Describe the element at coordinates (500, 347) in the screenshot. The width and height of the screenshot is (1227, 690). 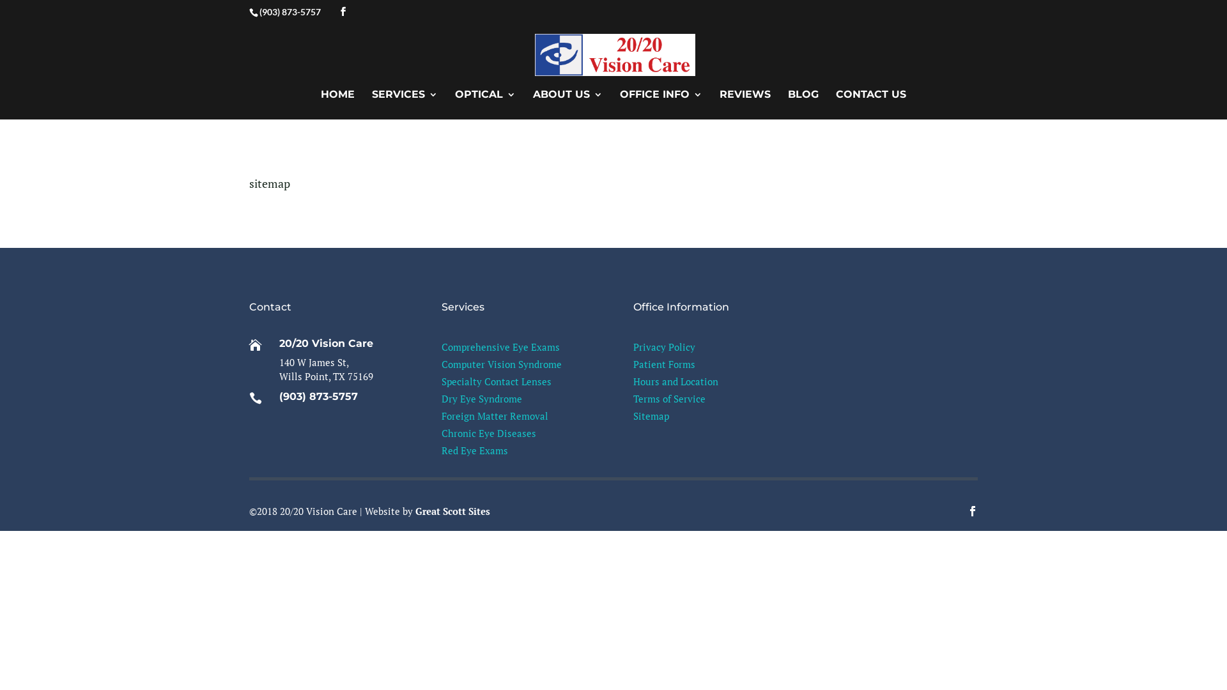
I see `'Comprehensive Eye Exams'` at that location.